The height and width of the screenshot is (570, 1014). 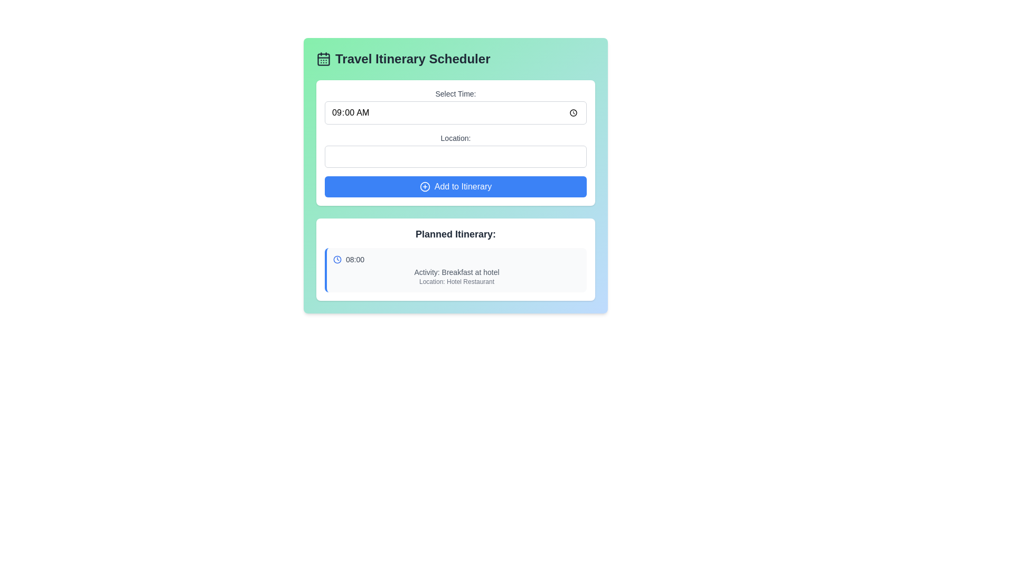 What do you see at coordinates (425, 186) in the screenshot?
I see `the placement and styling of the vector graphic circle within the 'Add to Itinerary' button, which is part of an SVG icon indicating the action to add items to a list or schedule` at bounding box center [425, 186].